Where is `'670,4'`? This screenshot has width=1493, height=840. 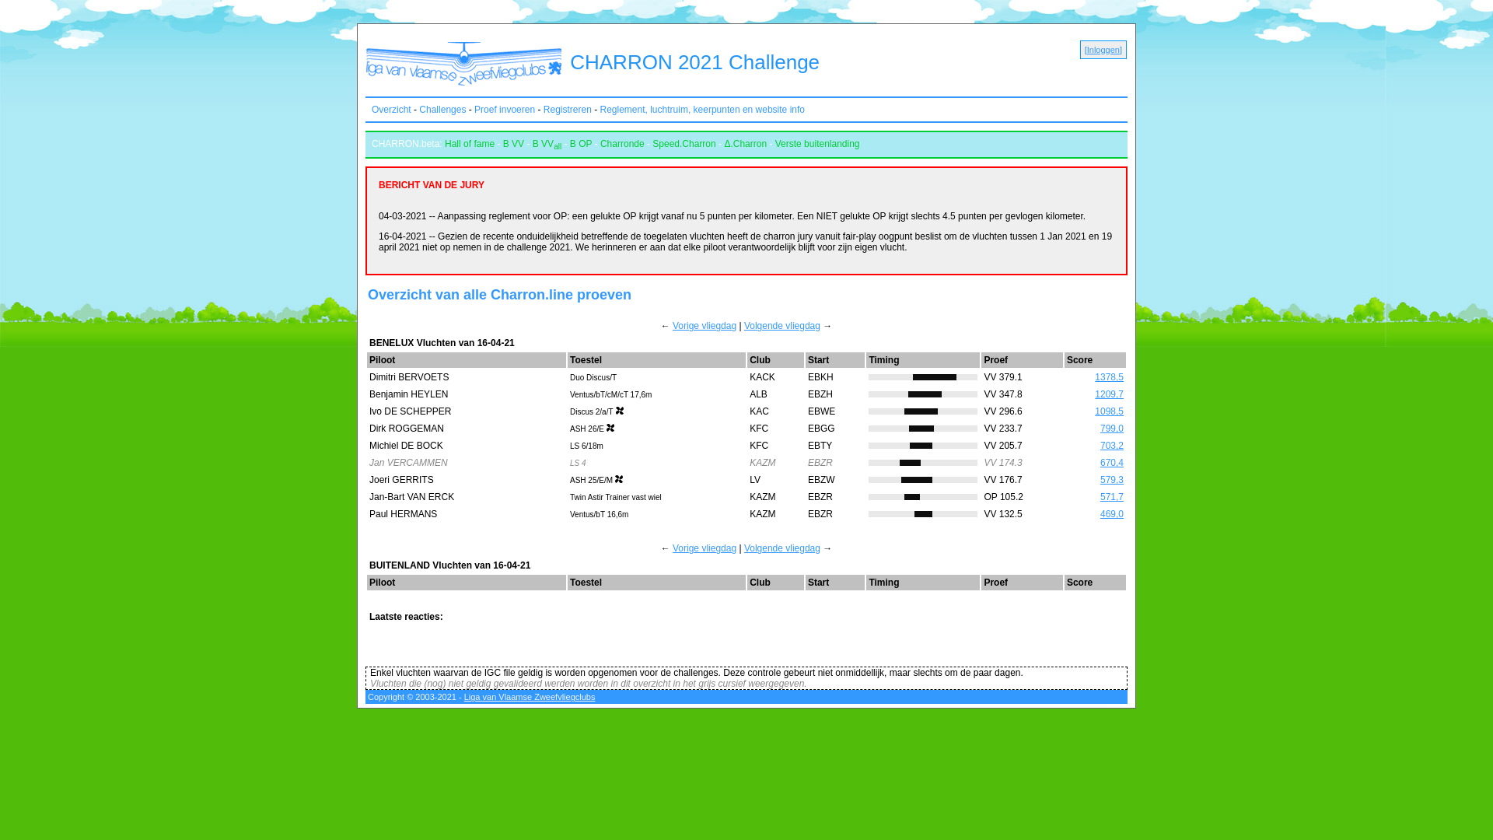 '670,4' is located at coordinates (1111, 461).